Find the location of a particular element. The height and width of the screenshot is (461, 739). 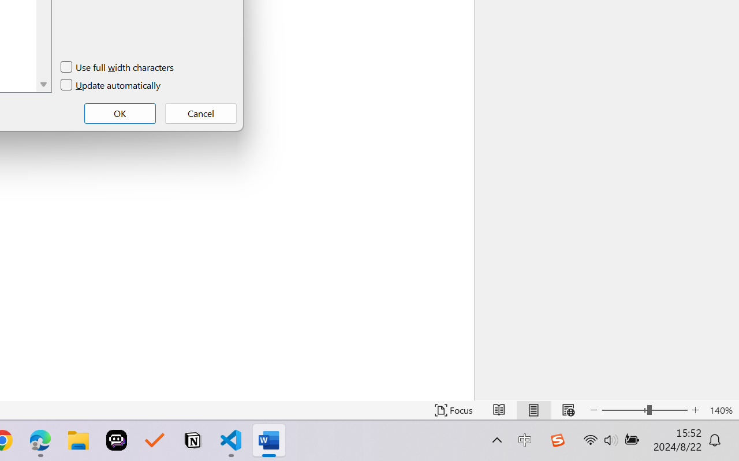

'OK' is located at coordinates (120, 112).